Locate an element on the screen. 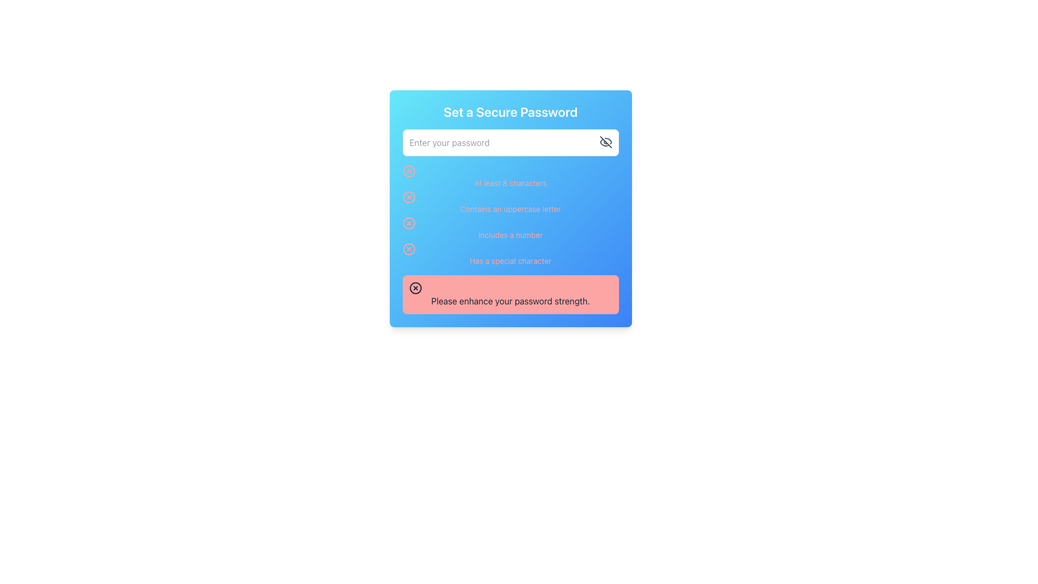 The height and width of the screenshot is (584, 1038). instruction displayed in the second password validation message, which indicates that the password must include at least one uppercase letter, as represented by the red icon indicating the requirement is currently unmet is located at coordinates (510, 202).